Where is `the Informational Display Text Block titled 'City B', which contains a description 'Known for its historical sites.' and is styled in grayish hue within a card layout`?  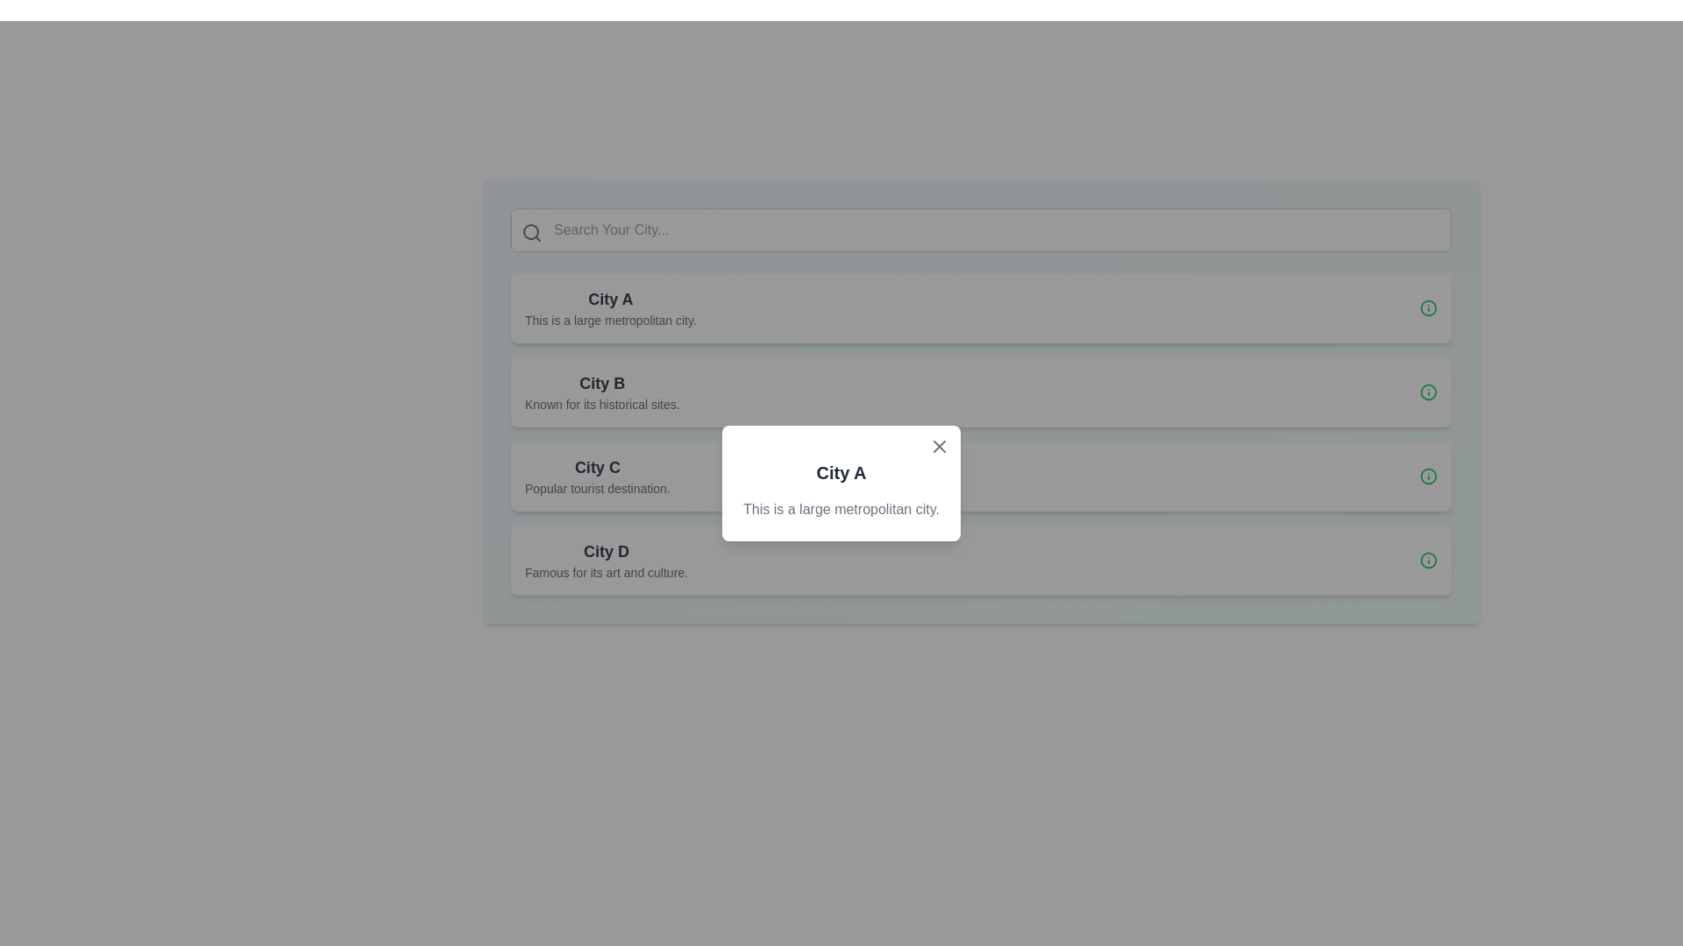 the Informational Display Text Block titled 'City B', which contains a description 'Known for its historical sites.' and is styled in grayish hue within a card layout is located at coordinates (602, 391).